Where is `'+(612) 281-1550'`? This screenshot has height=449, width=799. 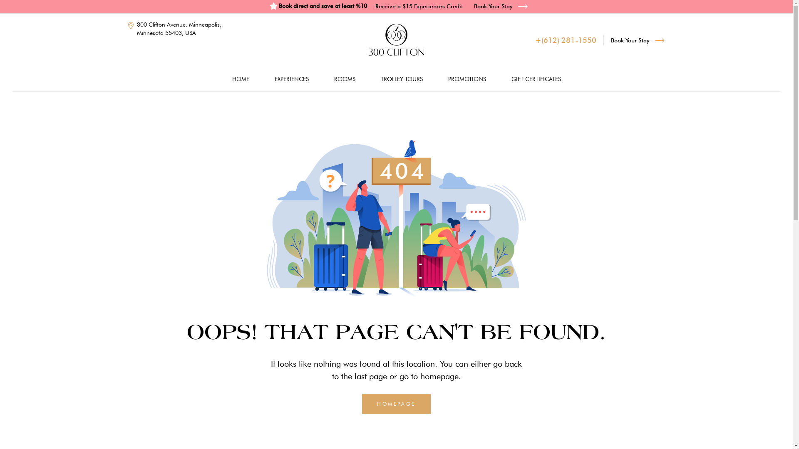
'+(612) 281-1550' is located at coordinates (566, 40).